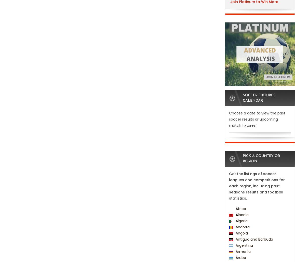 This screenshot has width=295, height=262. I want to click on 'Aruba', so click(240, 257).